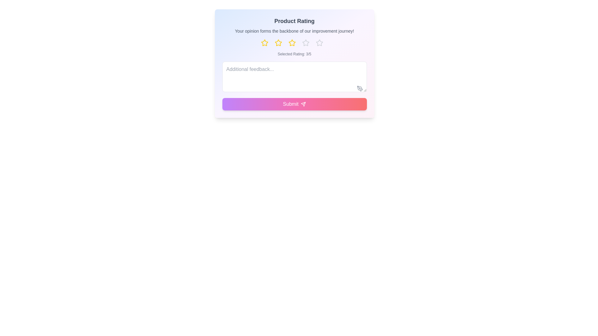 This screenshot has width=598, height=336. I want to click on the star rating button corresponding to 3 stars to observe the hover effect, so click(294, 43).